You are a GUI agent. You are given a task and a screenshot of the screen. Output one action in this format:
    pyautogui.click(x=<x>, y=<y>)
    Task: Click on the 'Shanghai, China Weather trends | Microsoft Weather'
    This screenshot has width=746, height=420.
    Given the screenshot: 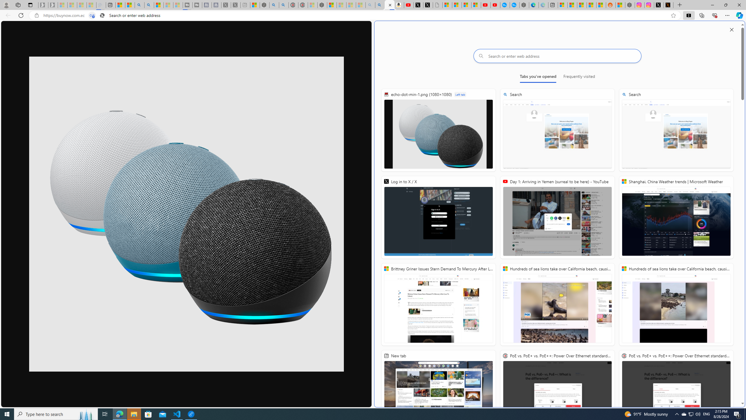 What is the action you would take?
    pyautogui.click(x=676, y=217)
    